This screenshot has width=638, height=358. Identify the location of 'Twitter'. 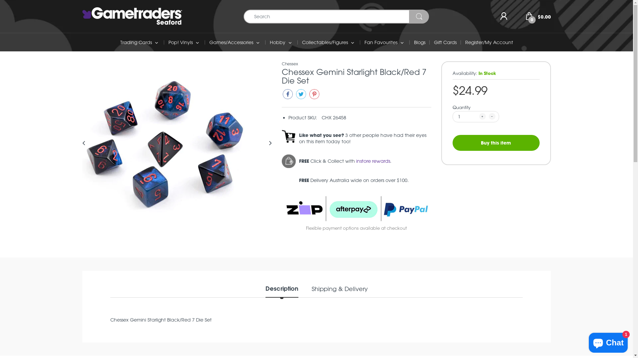
(301, 95).